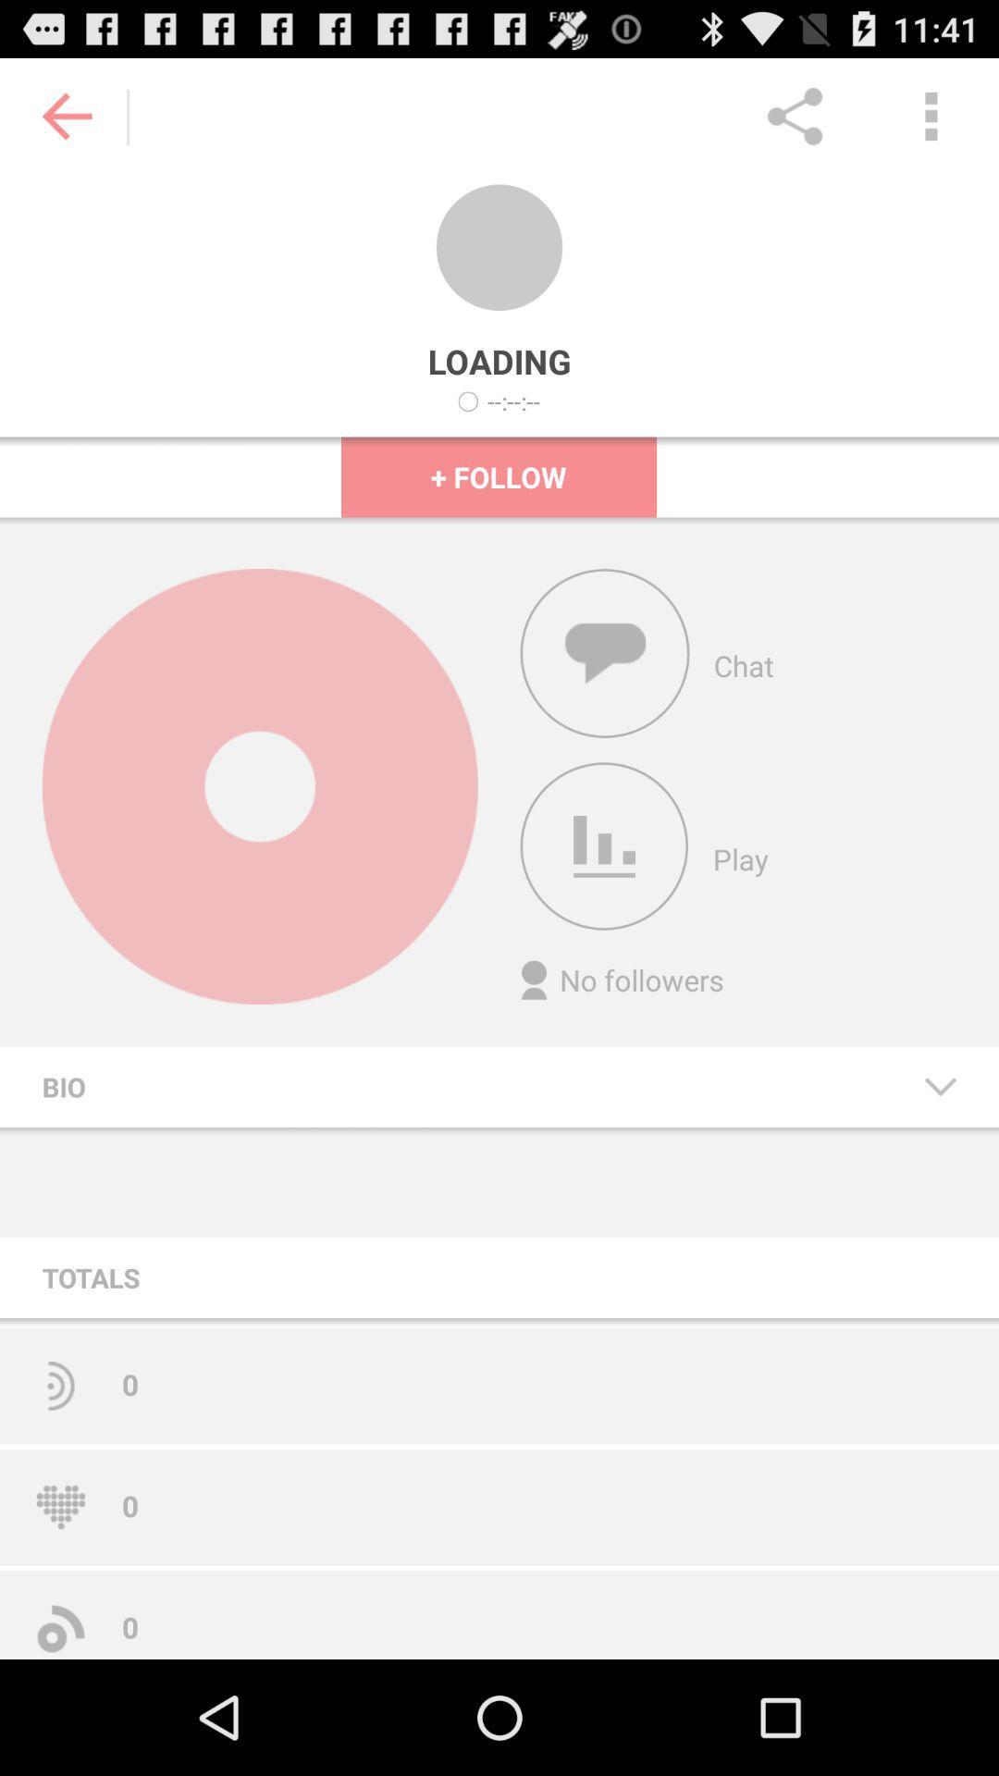 This screenshot has width=999, height=1776. What do you see at coordinates (604, 845) in the screenshot?
I see `icon above the no followers` at bounding box center [604, 845].